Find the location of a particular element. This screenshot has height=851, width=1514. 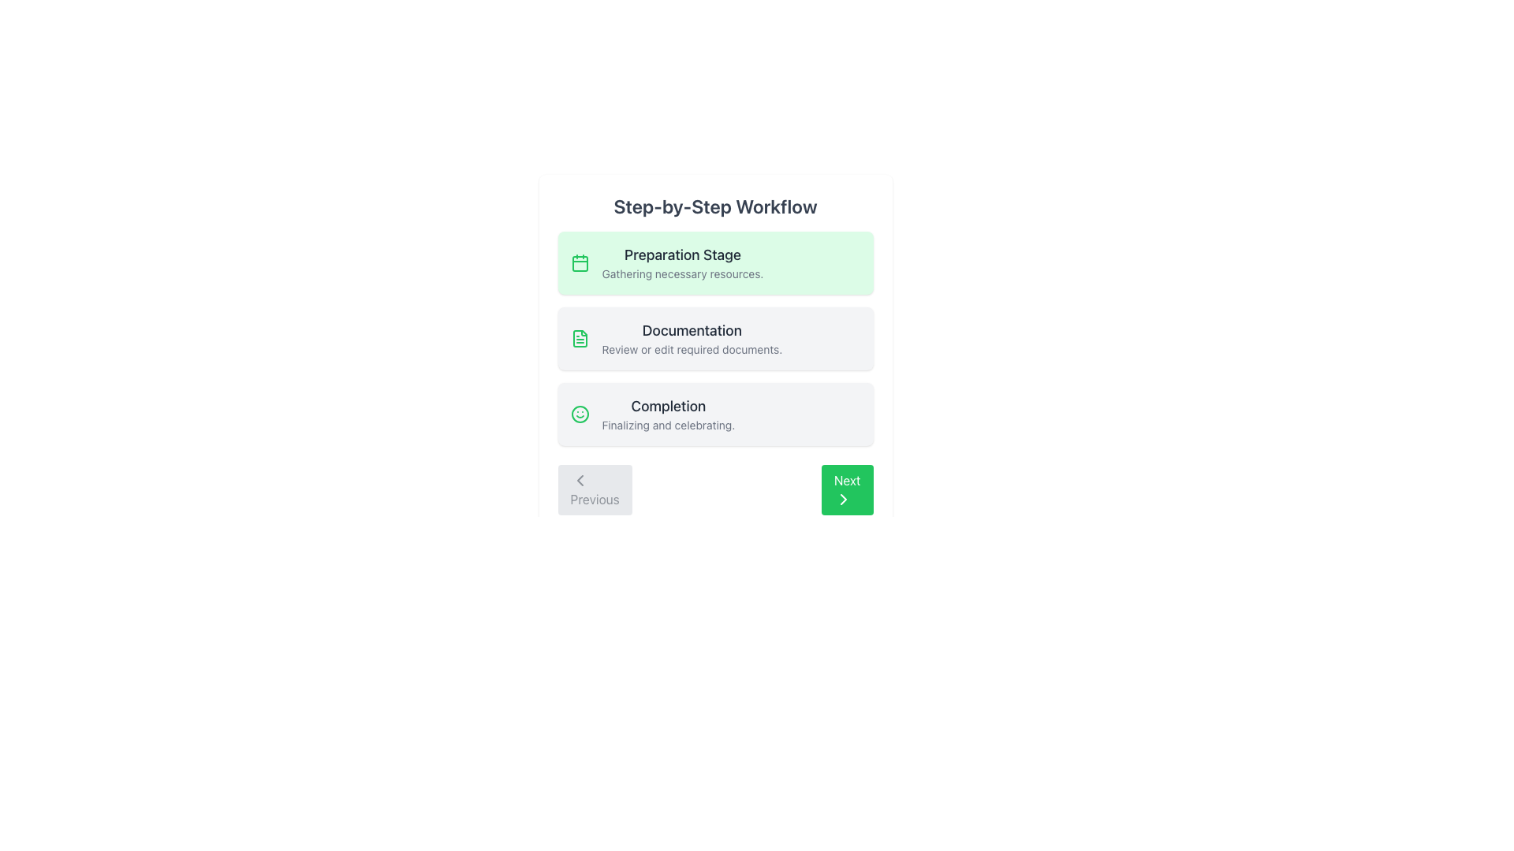

the first icon in the vertically stacked list within the green-highlighted box labeled 'Preparation Stage' is located at coordinates (579, 262).